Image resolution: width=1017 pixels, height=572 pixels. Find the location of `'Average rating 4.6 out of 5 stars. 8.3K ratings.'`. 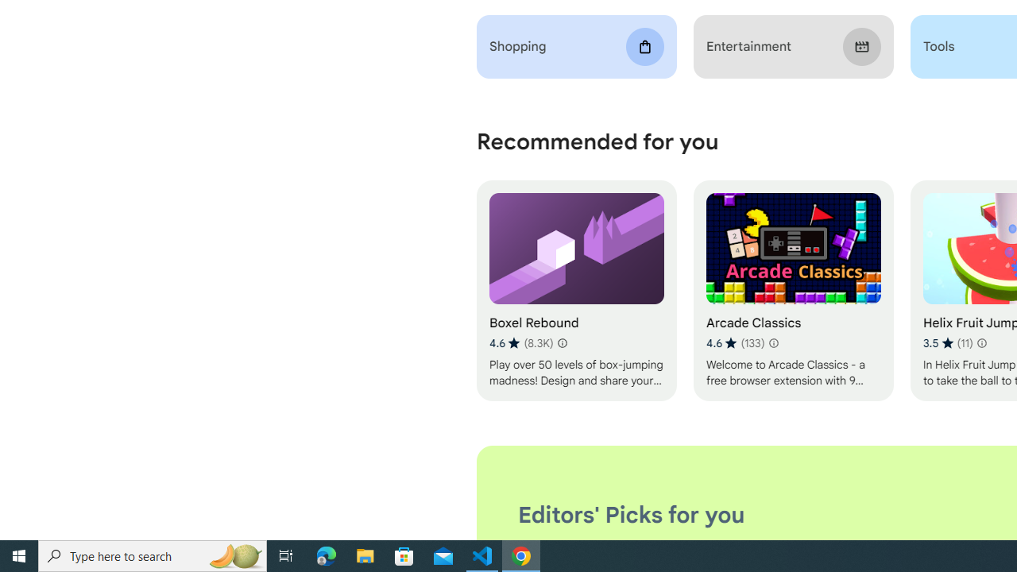

'Average rating 4.6 out of 5 stars. 8.3K ratings.' is located at coordinates (521, 342).